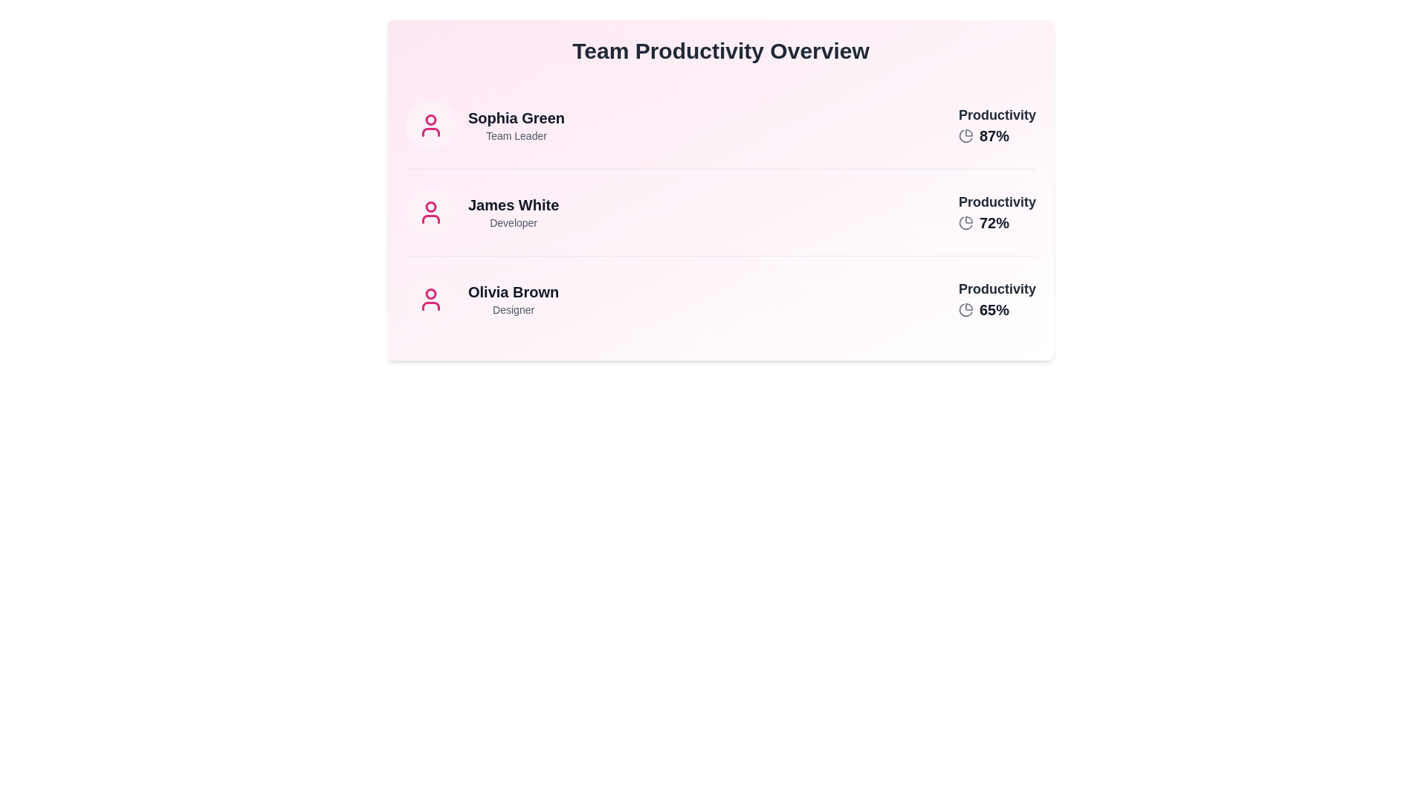 This screenshot has height=803, width=1427. What do you see at coordinates (430, 207) in the screenshot?
I see `the filled circle that represents the head of the user icon for James White, which is styled in pink and is located in the second row of the list` at bounding box center [430, 207].